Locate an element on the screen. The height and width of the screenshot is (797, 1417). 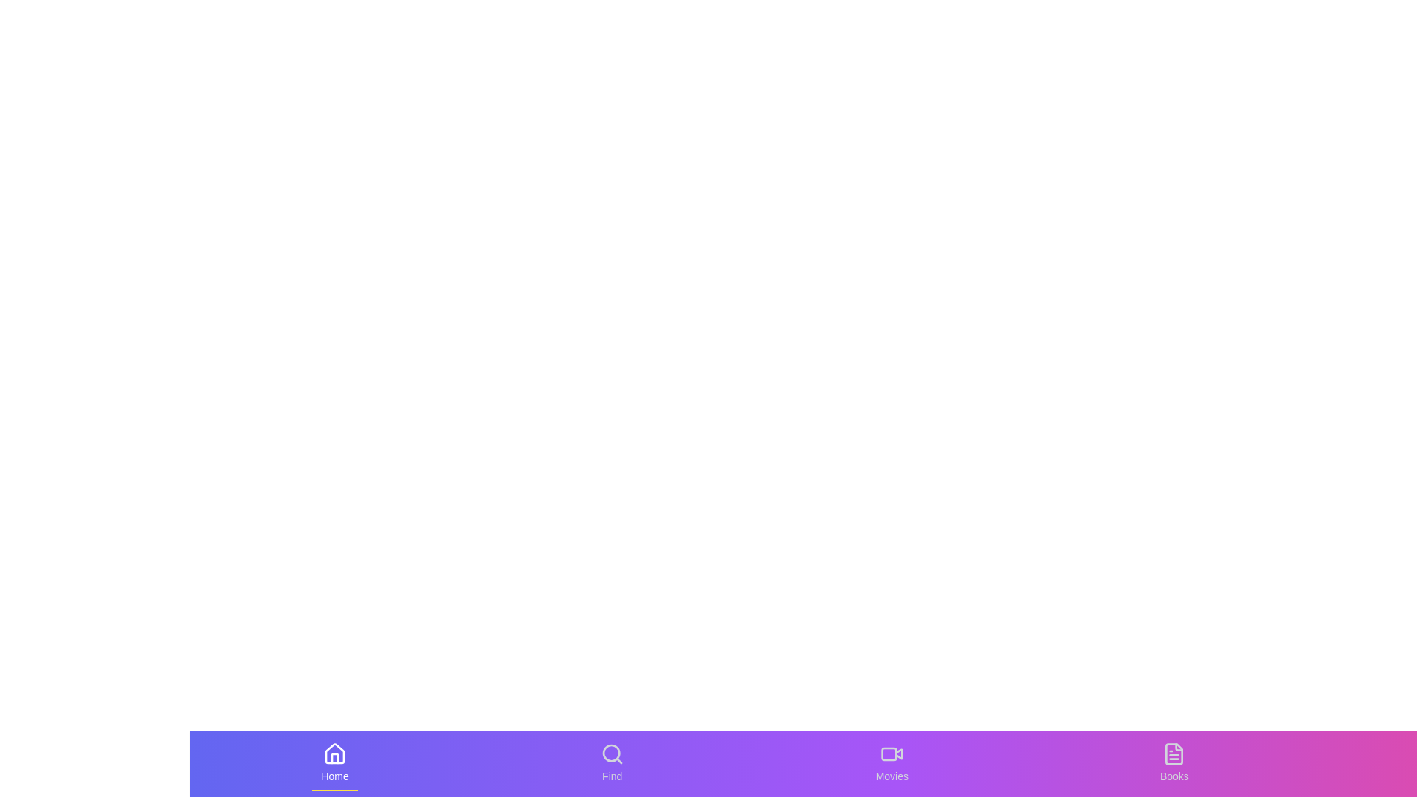
the Books tab to switch to its view is located at coordinates (1173, 763).